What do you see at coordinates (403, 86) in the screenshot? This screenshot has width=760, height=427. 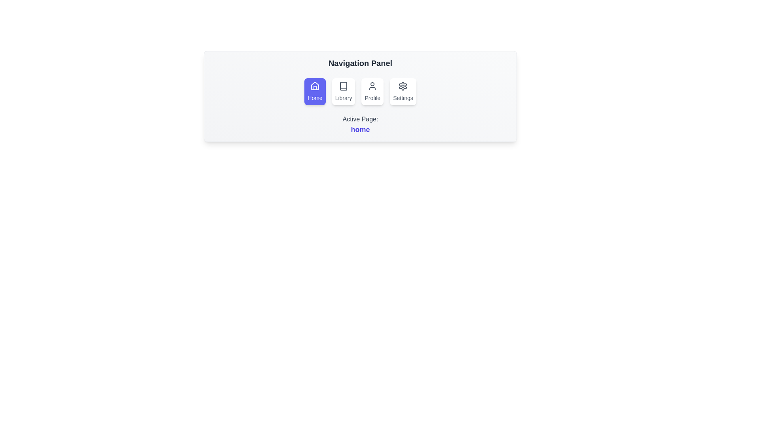 I see `the gear icon in the Settings section of the navigation panel` at bounding box center [403, 86].